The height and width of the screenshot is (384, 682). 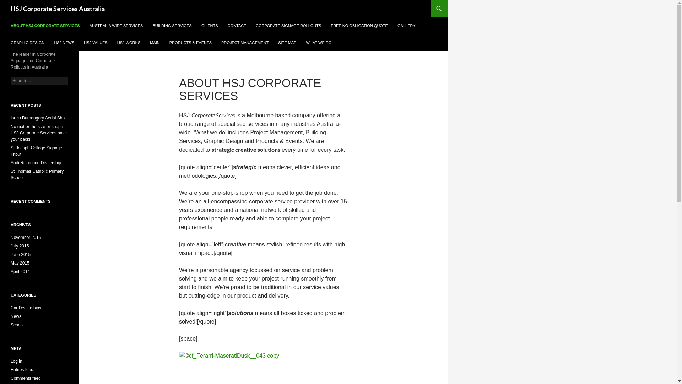 What do you see at coordinates (22, 369) in the screenshot?
I see `'Entries feed'` at bounding box center [22, 369].